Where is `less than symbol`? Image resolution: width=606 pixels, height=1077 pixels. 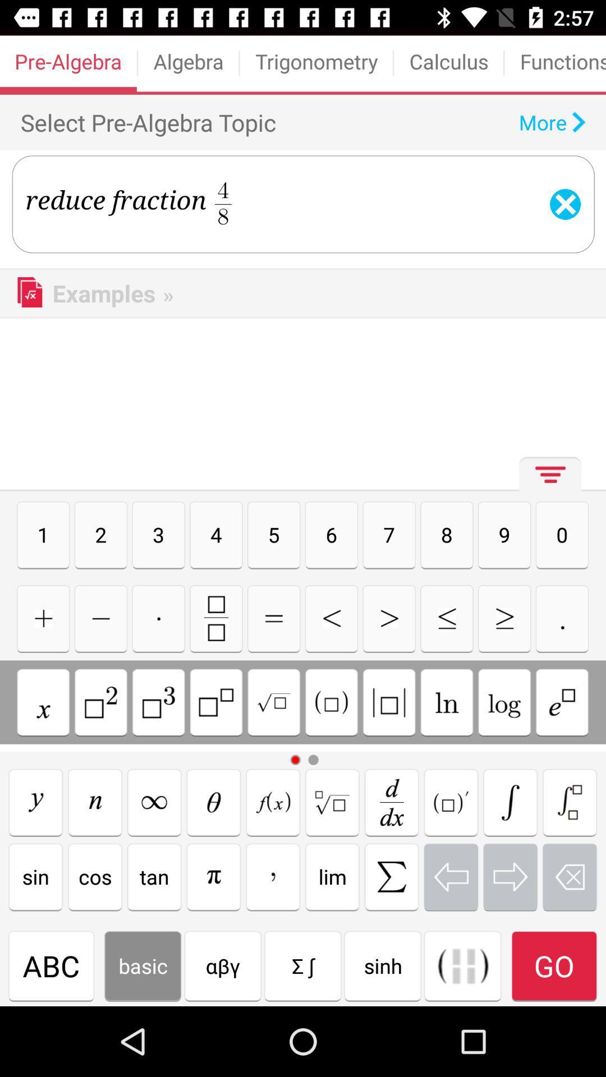 less than symbol is located at coordinates (330, 618).